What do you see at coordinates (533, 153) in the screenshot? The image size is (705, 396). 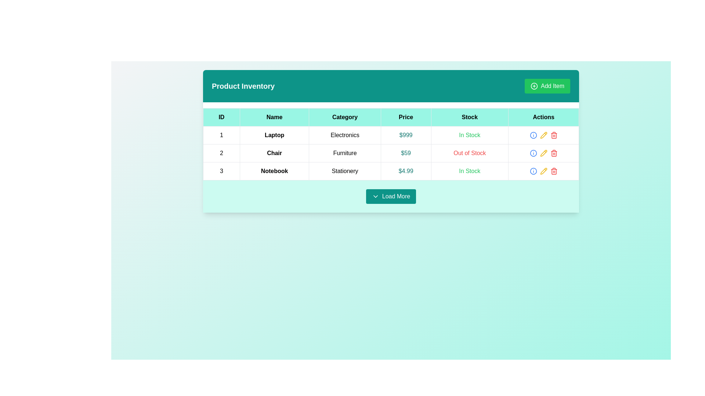 I see `the help button in the 'Actions' column of the second row in the product table for the 'Chair' item` at bounding box center [533, 153].